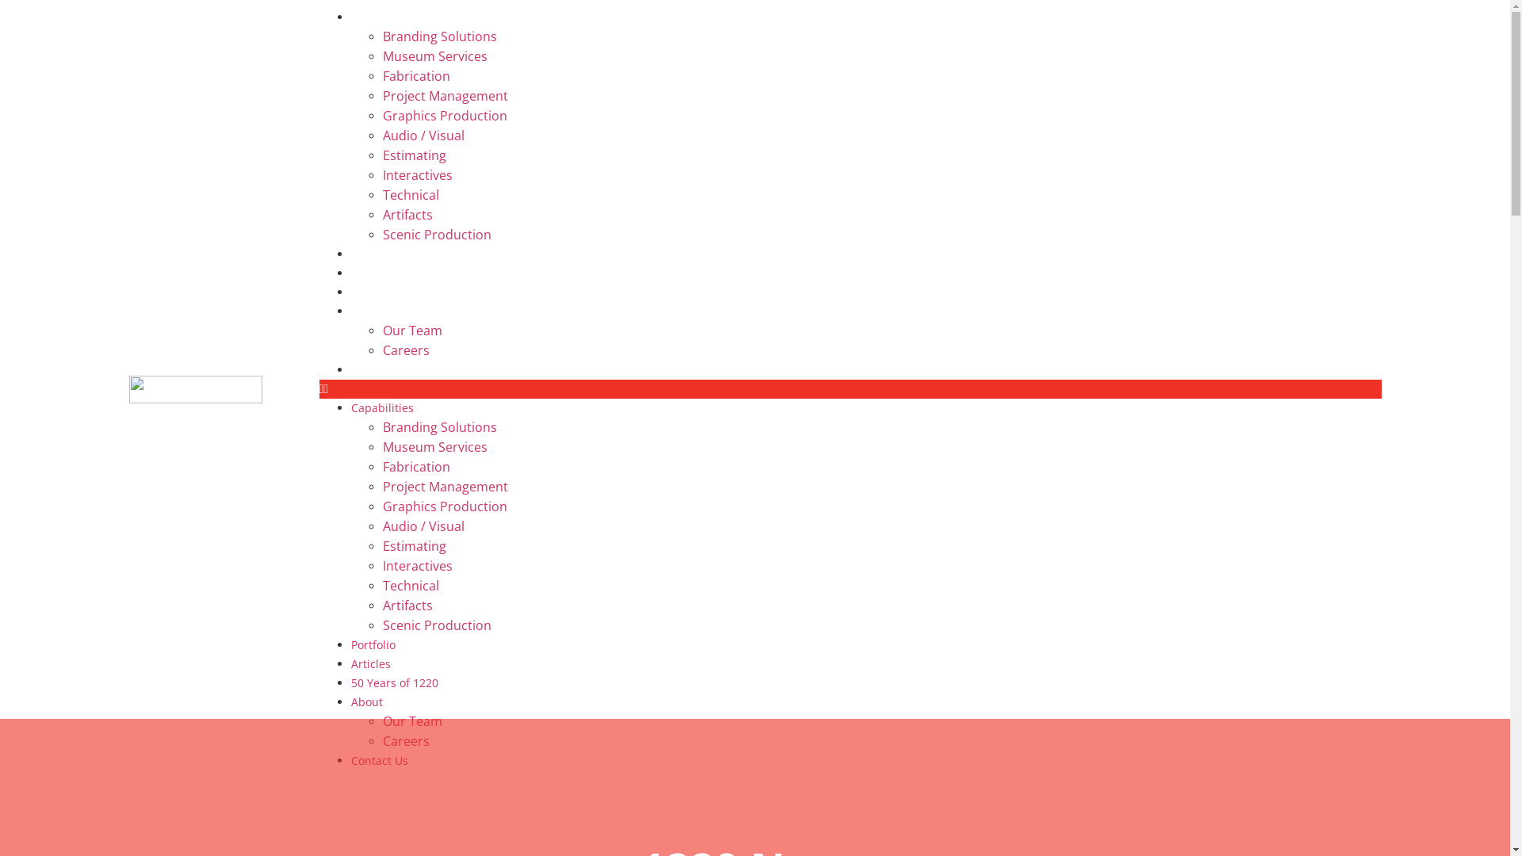 This screenshot has width=1522, height=856. Describe the element at coordinates (417, 174) in the screenshot. I see `'Interactives'` at that location.